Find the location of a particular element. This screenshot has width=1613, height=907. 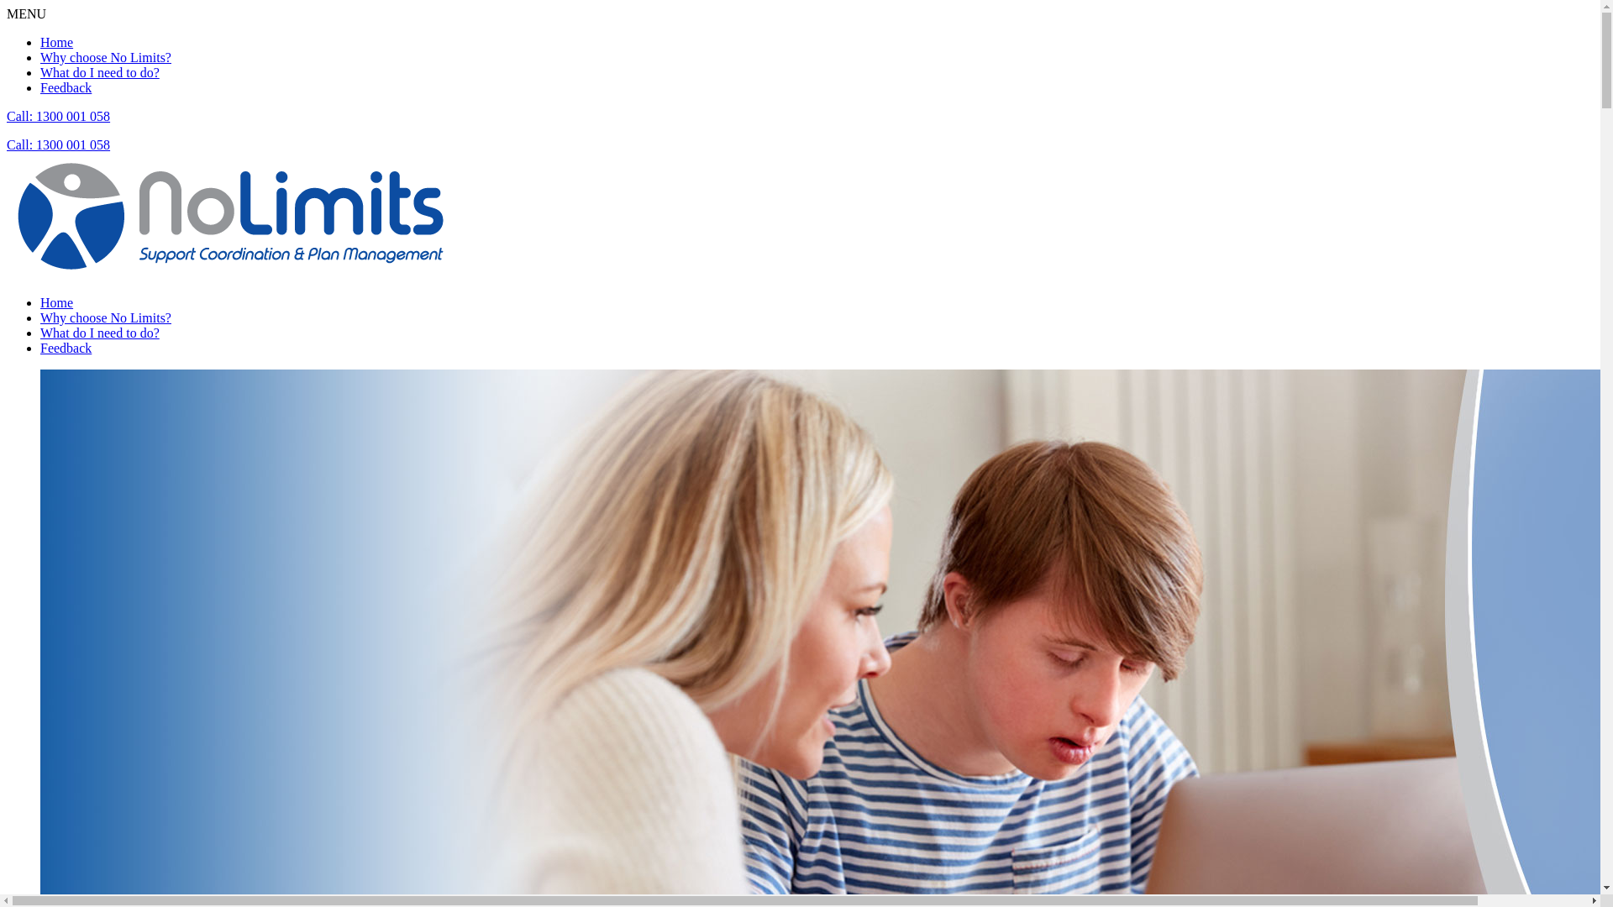

'Home' is located at coordinates (56, 41).